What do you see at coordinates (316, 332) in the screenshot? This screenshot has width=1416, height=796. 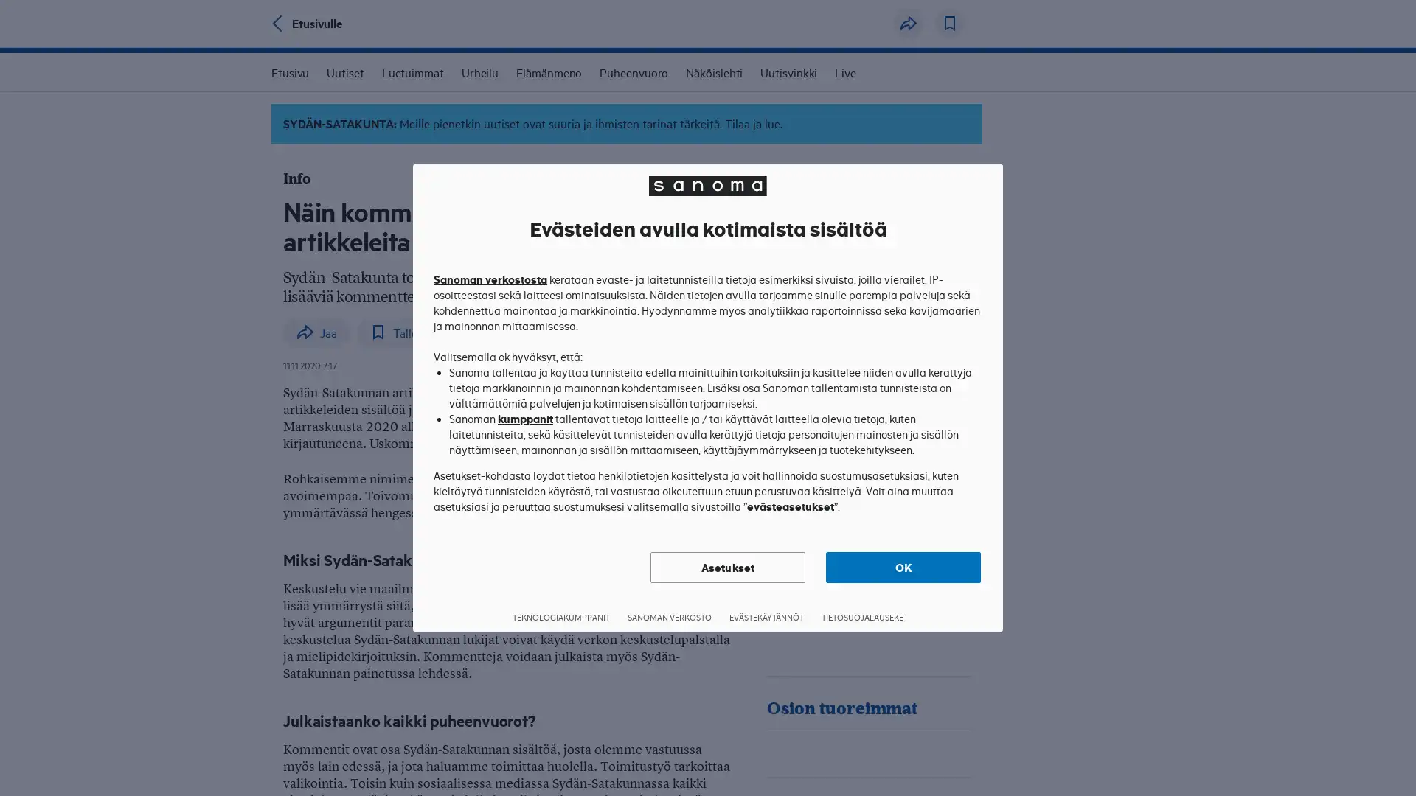 I see `Jaa` at bounding box center [316, 332].